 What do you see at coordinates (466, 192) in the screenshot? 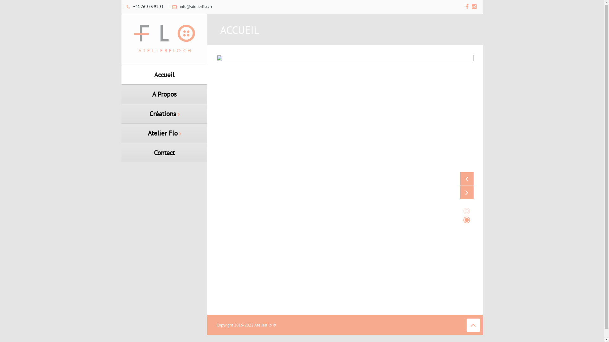
I see `'Next'` at bounding box center [466, 192].